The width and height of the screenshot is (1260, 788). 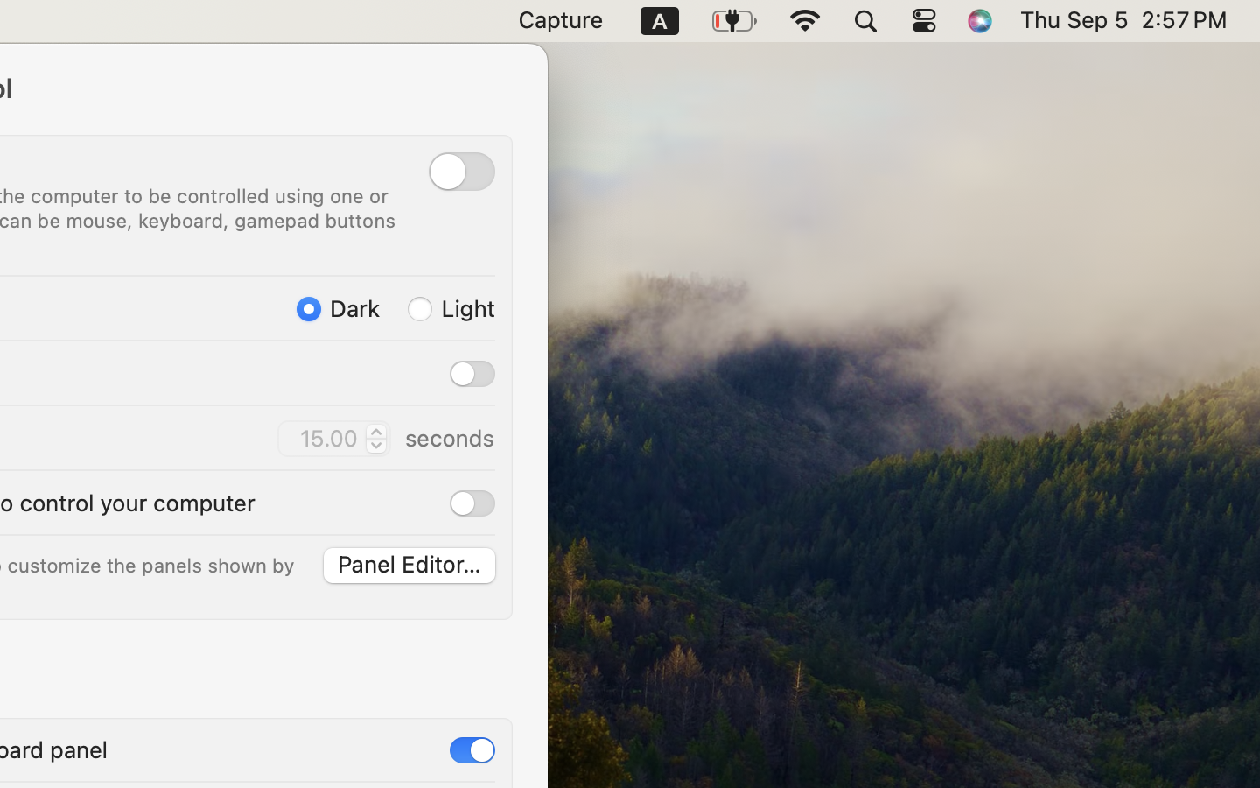 I want to click on '15.0', so click(x=374, y=437).